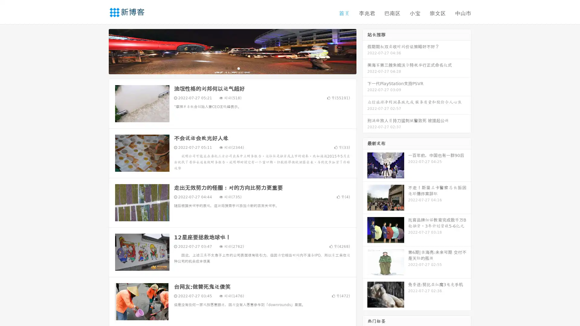 The width and height of the screenshot is (580, 326). I want to click on Go to slide 2, so click(232, 68).